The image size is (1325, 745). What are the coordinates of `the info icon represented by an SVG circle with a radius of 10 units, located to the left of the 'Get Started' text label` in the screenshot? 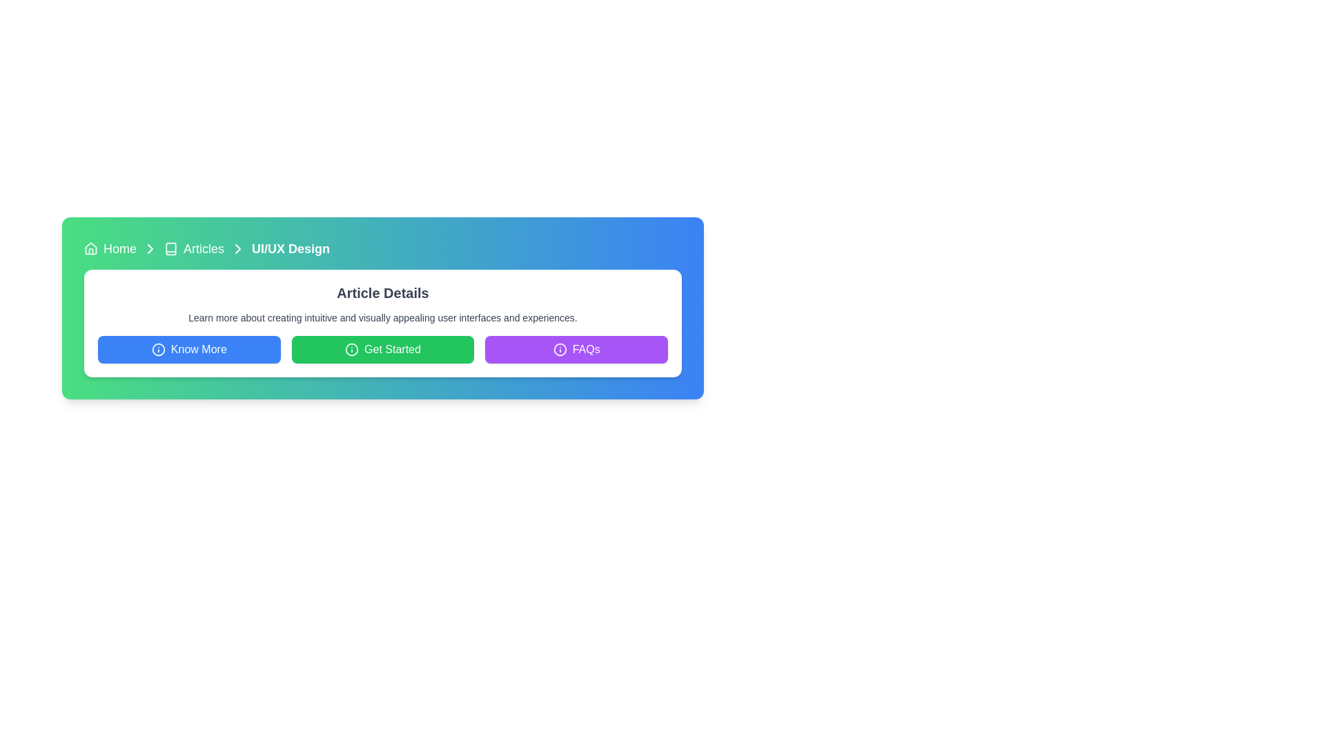 It's located at (560, 348).